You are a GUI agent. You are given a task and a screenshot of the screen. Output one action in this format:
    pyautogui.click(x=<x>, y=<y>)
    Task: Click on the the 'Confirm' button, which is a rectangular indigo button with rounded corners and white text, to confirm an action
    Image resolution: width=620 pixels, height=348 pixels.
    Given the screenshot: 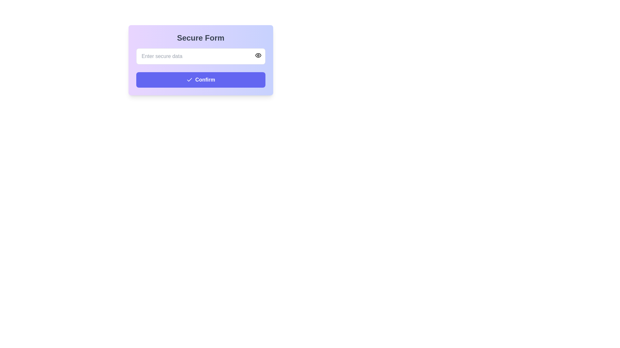 What is the action you would take?
    pyautogui.click(x=200, y=79)
    